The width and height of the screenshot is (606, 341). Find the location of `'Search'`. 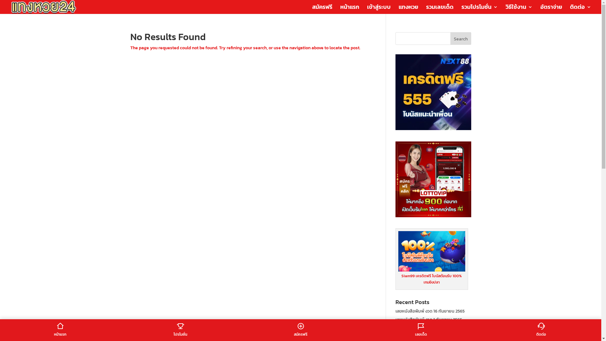

'Search' is located at coordinates (450, 39).